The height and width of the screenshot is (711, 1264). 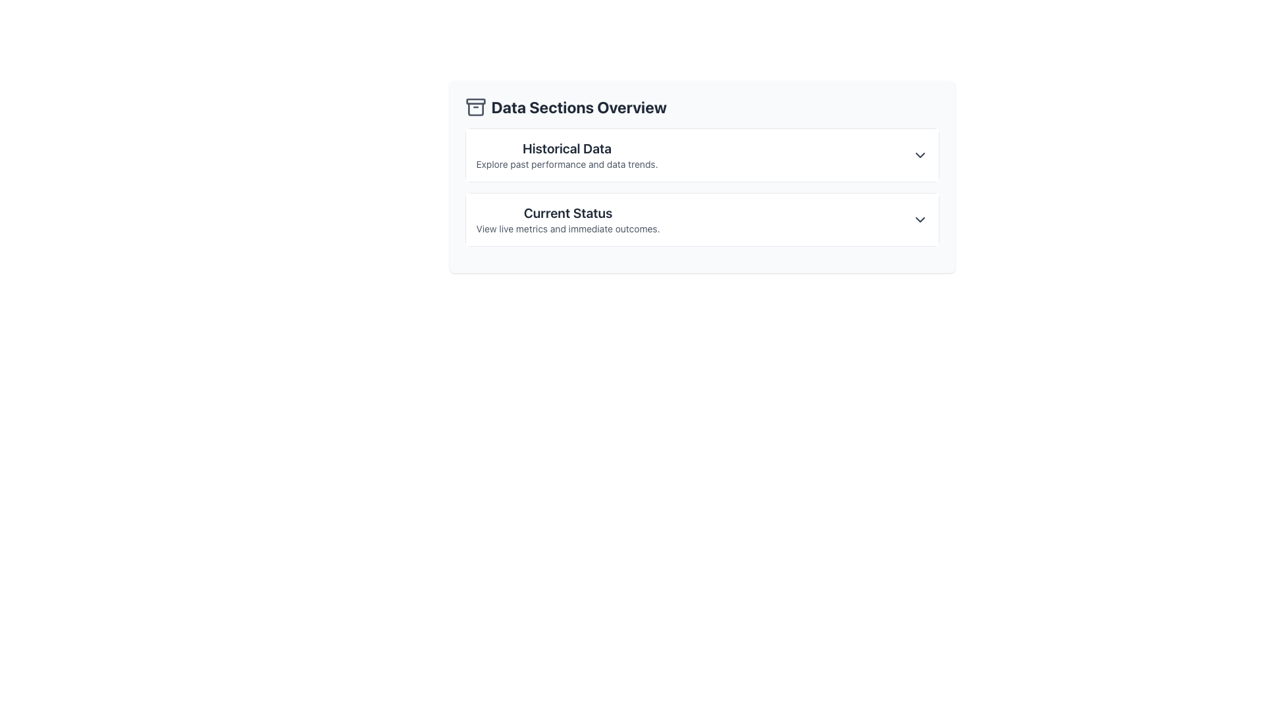 What do you see at coordinates (568, 228) in the screenshot?
I see `the text element that reads 'View live metrics and immediate outcomes,' which is styled with a small-sized gray font and positioned below the heading 'Current Status.'` at bounding box center [568, 228].